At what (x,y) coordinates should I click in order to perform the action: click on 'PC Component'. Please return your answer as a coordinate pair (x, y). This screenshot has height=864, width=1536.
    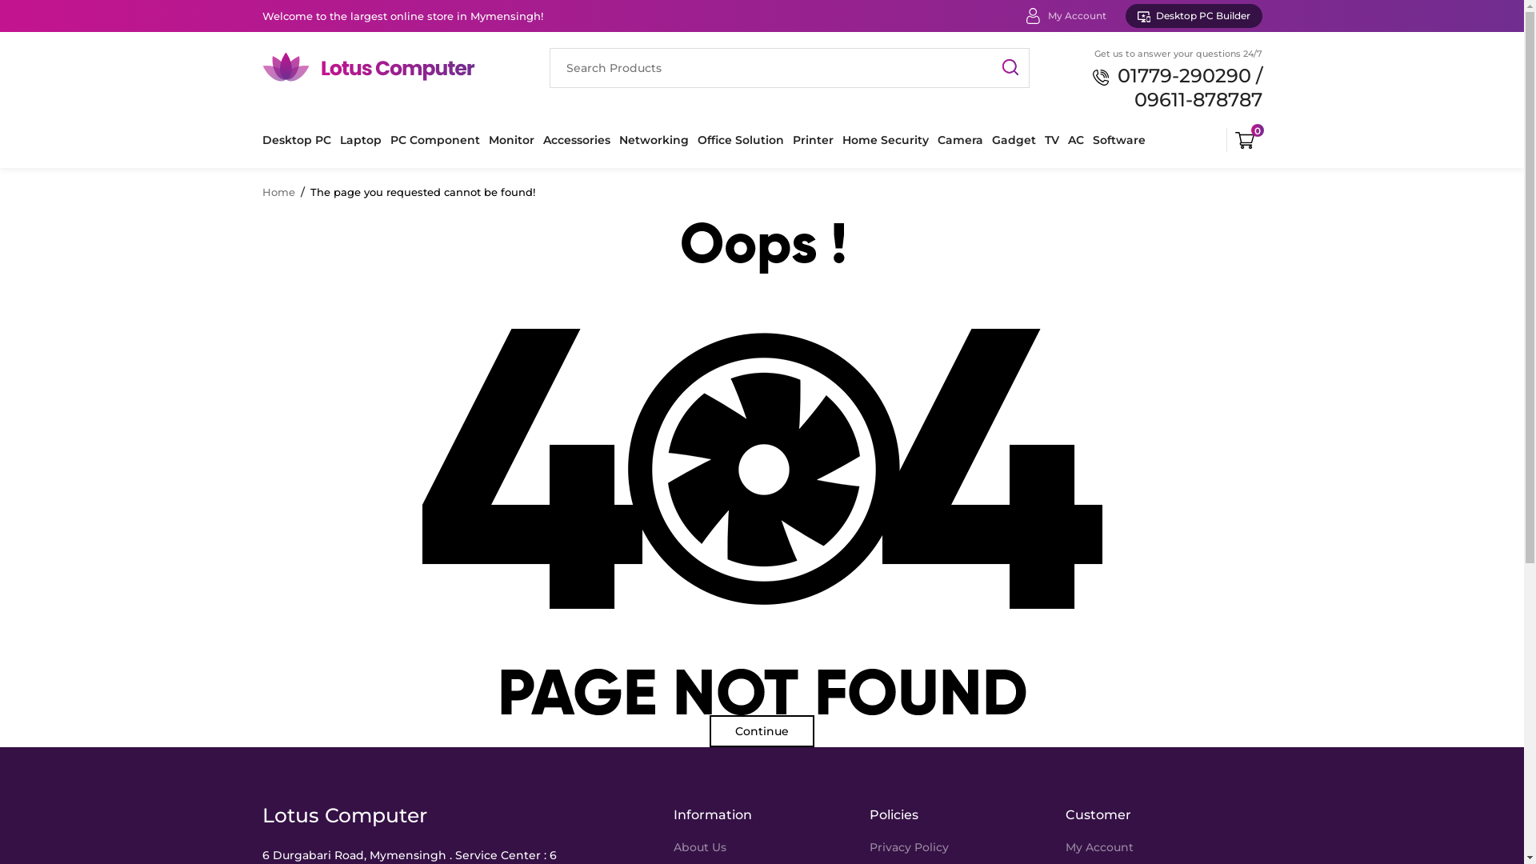
    Looking at the image, I should click on (390, 138).